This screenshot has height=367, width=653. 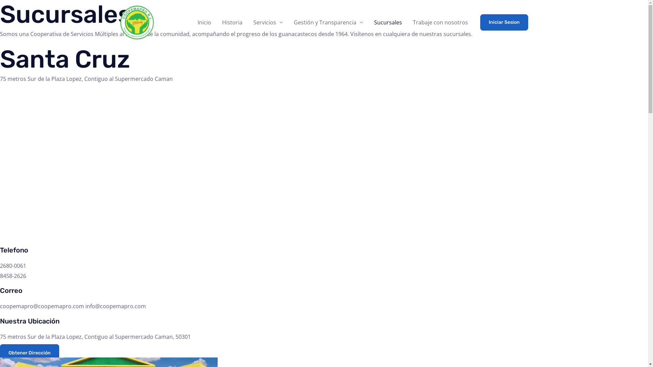 What do you see at coordinates (504, 22) in the screenshot?
I see `'Iniciar Sesion'` at bounding box center [504, 22].